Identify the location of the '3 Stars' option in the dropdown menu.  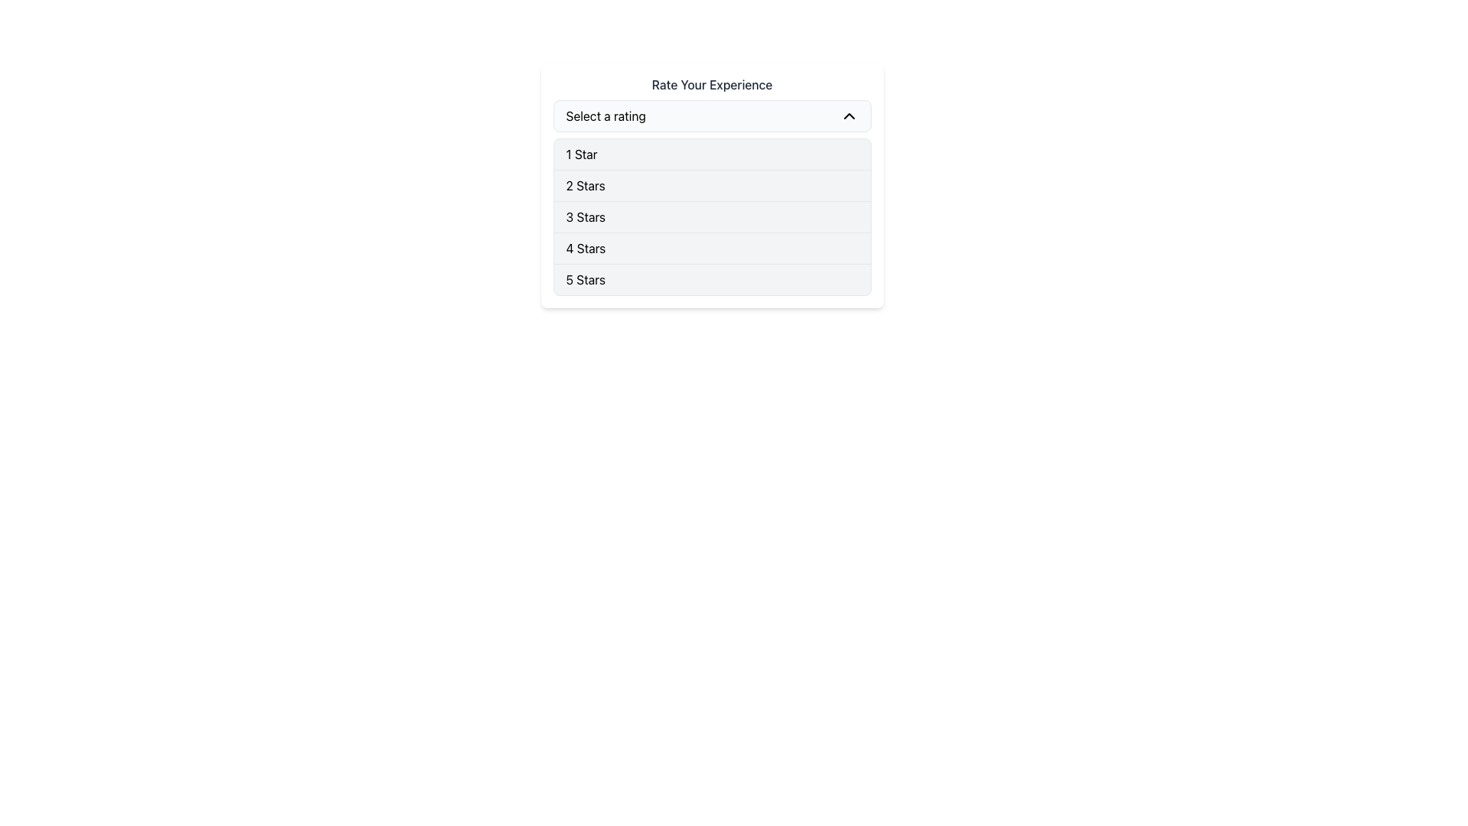
(585, 217).